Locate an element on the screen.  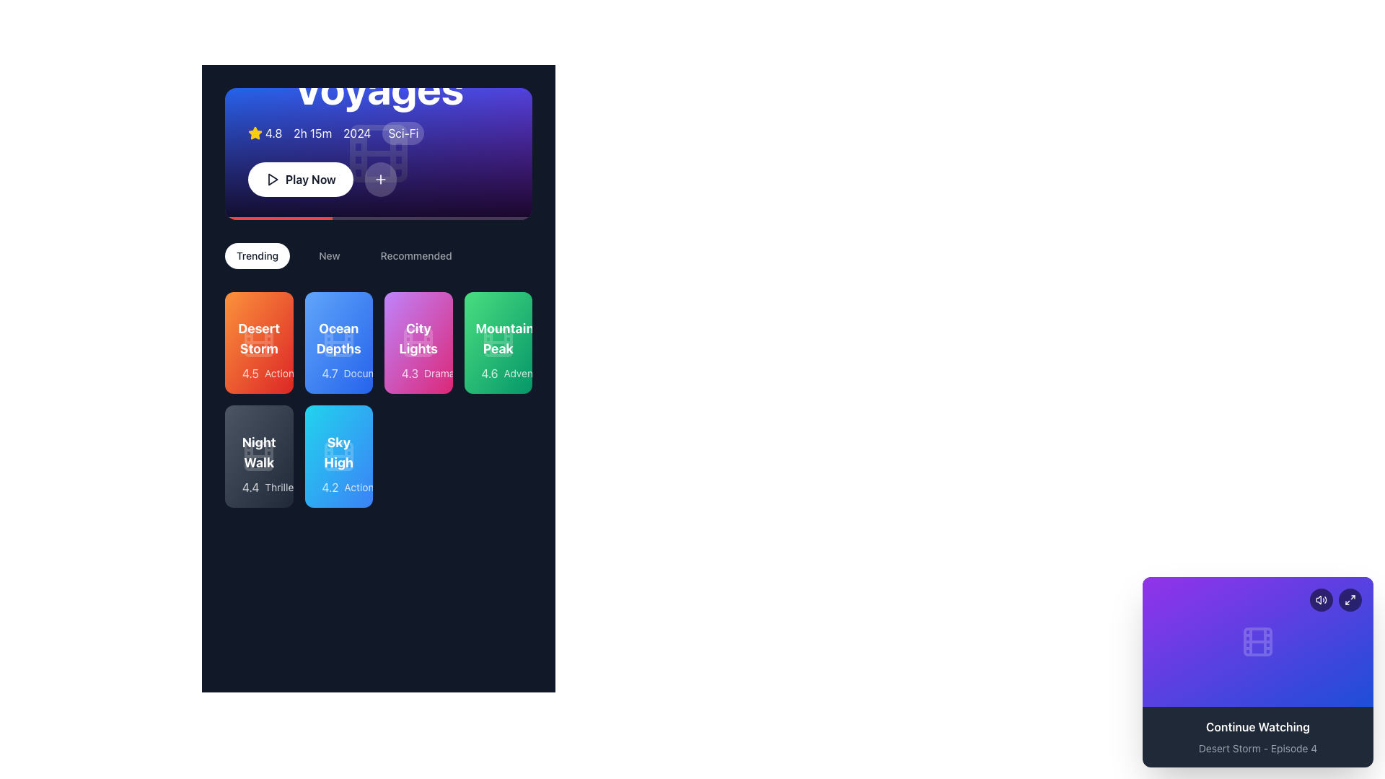
the triangular 'Play' icon located within the circular 'Play Now' button in the main header section to initiate playback is located at coordinates (273, 178).